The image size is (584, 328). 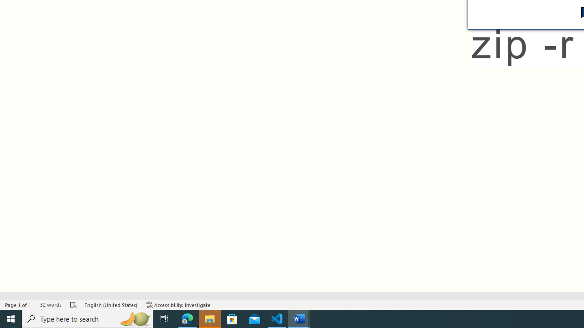 What do you see at coordinates (187, 318) in the screenshot?
I see `'Microsoft Edge - 1 running window'` at bounding box center [187, 318].